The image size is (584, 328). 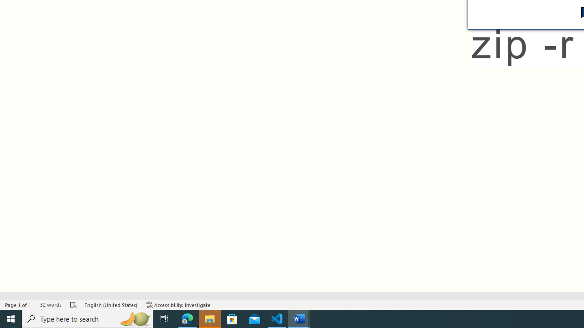 What do you see at coordinates (187, 318) in the screenshot?
I see `'Microsoft Edge - 1 running window'` at bounding box center [187, 318].